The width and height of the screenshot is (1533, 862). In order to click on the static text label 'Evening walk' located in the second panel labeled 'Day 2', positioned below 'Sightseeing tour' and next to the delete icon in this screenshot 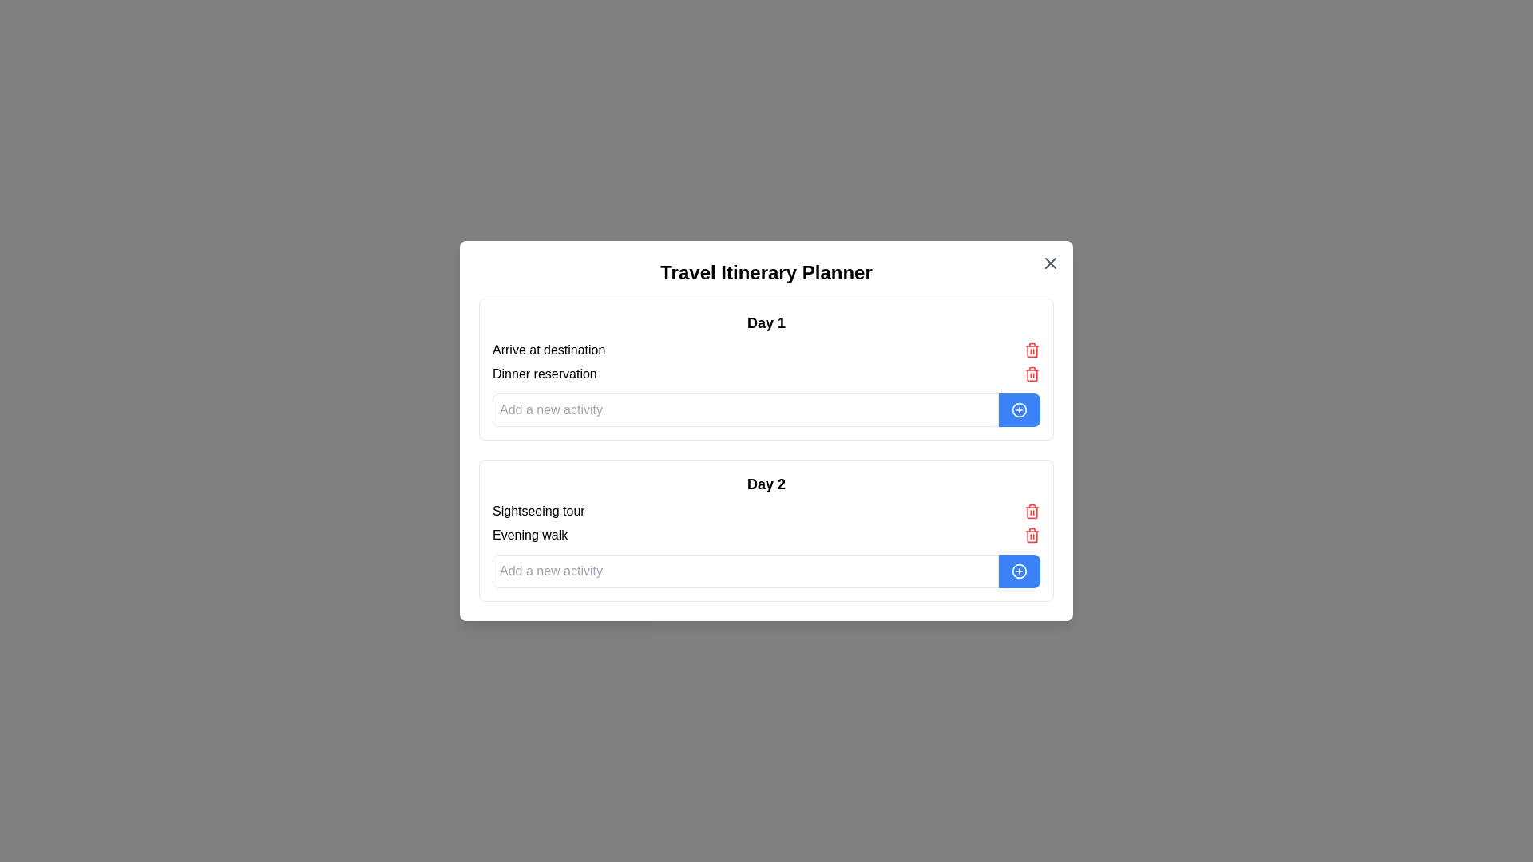, I will do `click(530, 536)`.